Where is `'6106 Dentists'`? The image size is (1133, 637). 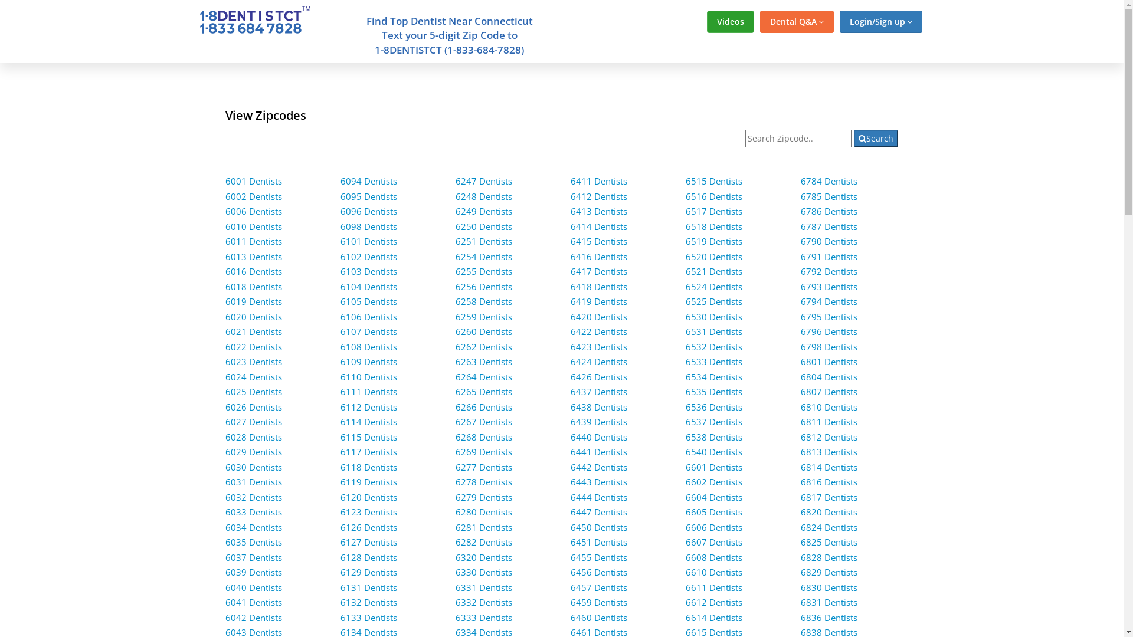
'6106 Dentists' is located at coordinates (339, 316).